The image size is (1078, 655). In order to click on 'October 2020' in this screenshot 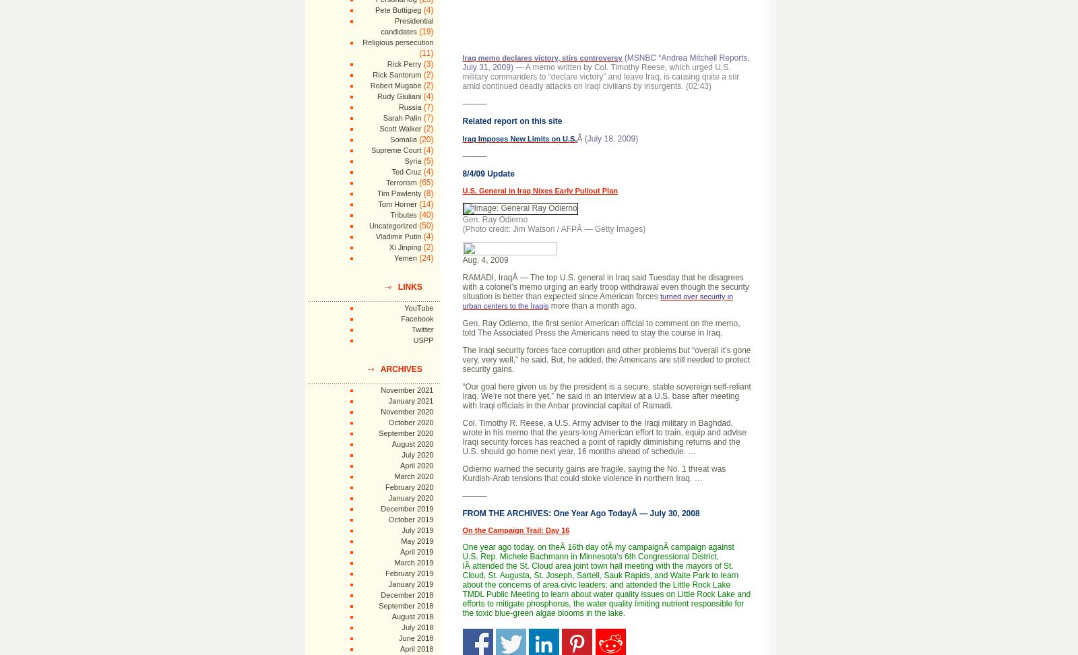, I will do `click(410, 423)`.